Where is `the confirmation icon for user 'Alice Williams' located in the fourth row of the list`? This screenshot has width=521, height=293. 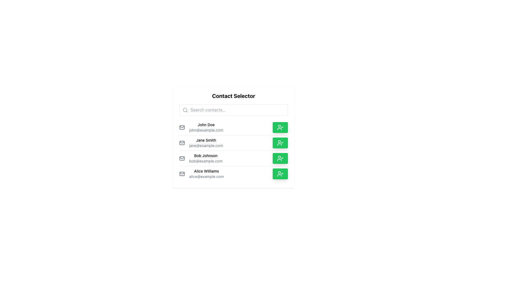 the confirmation icon for user 'Alice Williams' located in the fourth row of the list is located at coordinates (280, 174).